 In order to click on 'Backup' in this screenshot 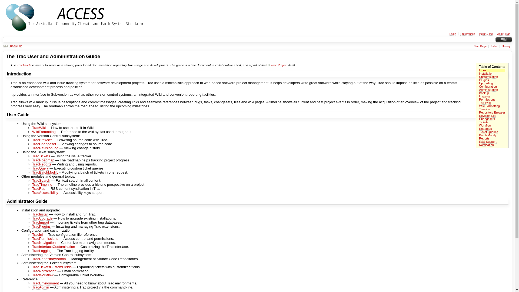, I will do `click(484, 93)`.